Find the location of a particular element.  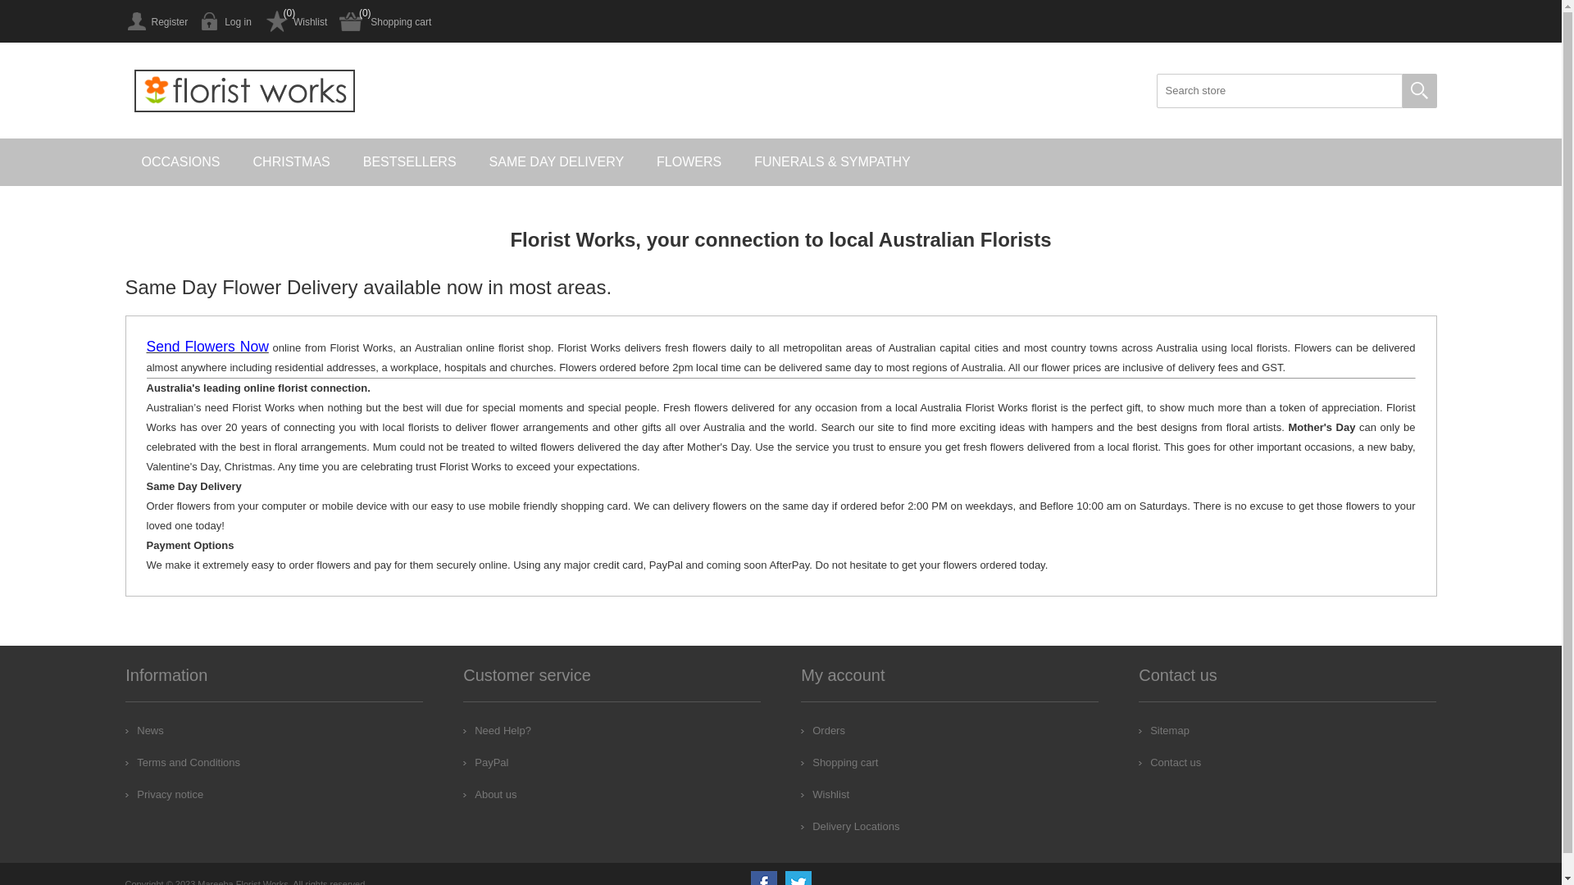

'Shopping cart' is located at coordinates (839, 762).